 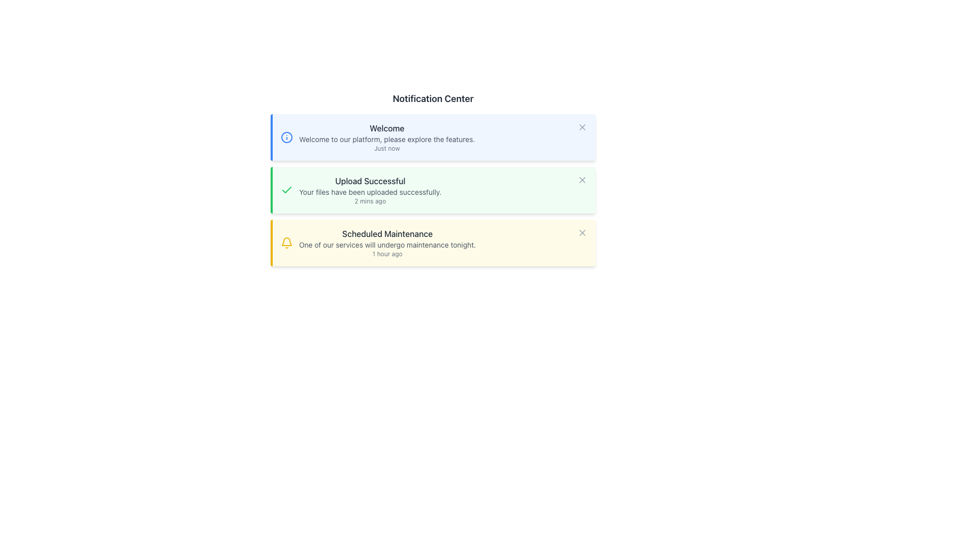 What do you see at coordinates (387, 245) in the screenshot?
I see `text string 'One of our services will undergo maintenance tonight.' located within the notification card titled 'Scheduled Maintenance' in the Notification Center` at bounding box center [387, 245].